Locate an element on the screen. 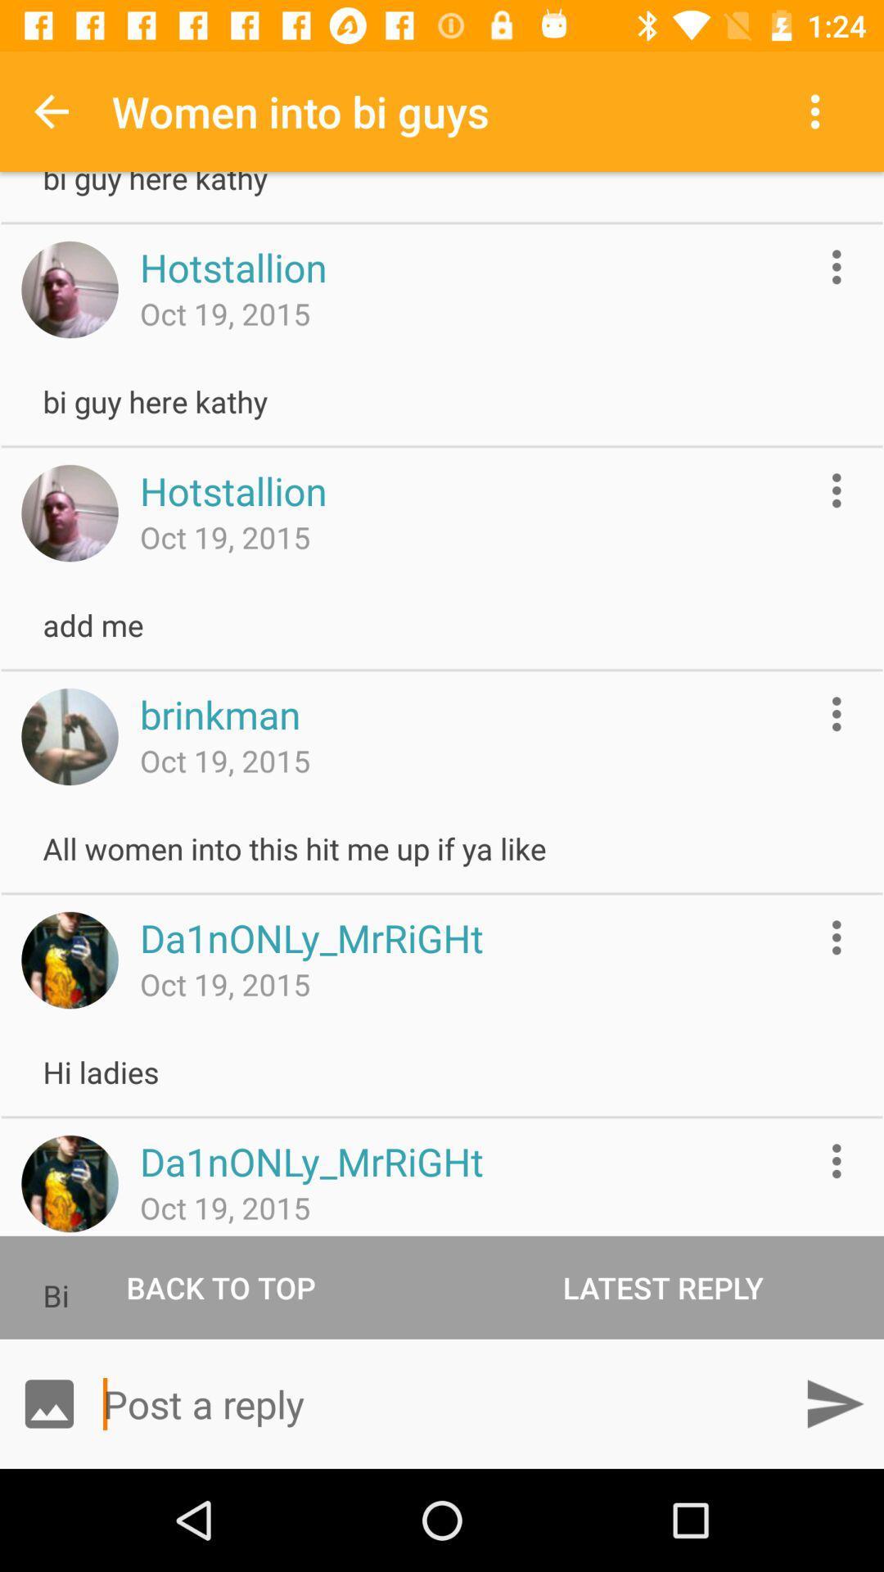 The height and width of the screenshot is (1572, 884). more actions is located at coordinates (837, 267).